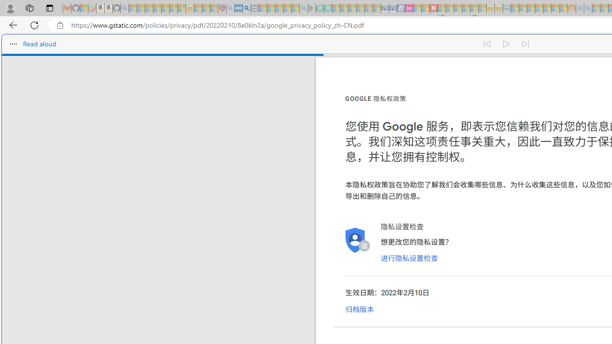 Image resolution: width=612 pixels, height=344 pixels. I want to click on 'Robert H. Shmerling, MD - Harvard Health - Sleeping', so click(222, 8).